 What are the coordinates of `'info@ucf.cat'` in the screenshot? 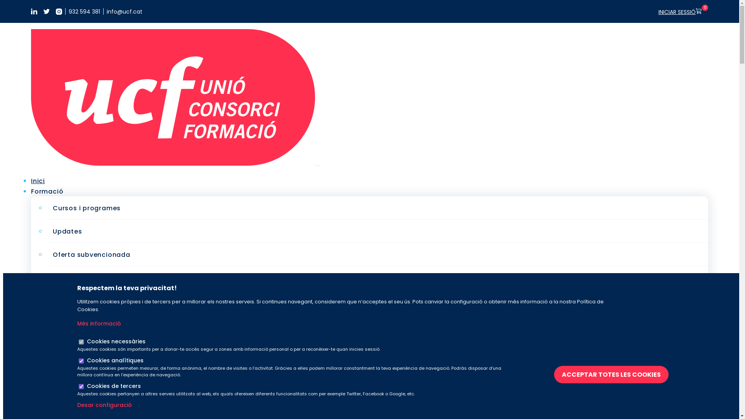 It's located at (125, 12).